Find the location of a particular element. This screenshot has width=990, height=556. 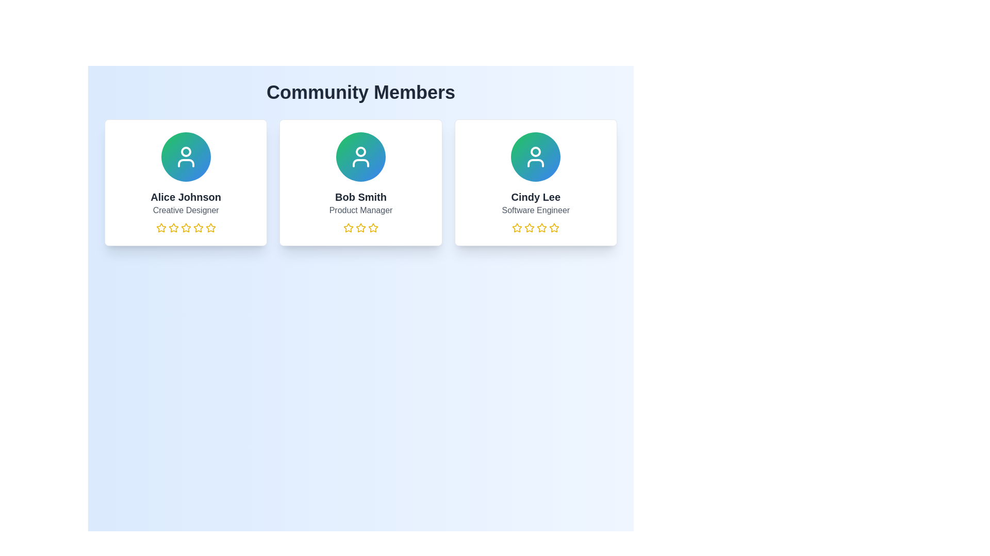

the first yellow star icon indicating a rating in the review system below the profile card of 'Alice Johnson' is located at coordinates (160, 228).